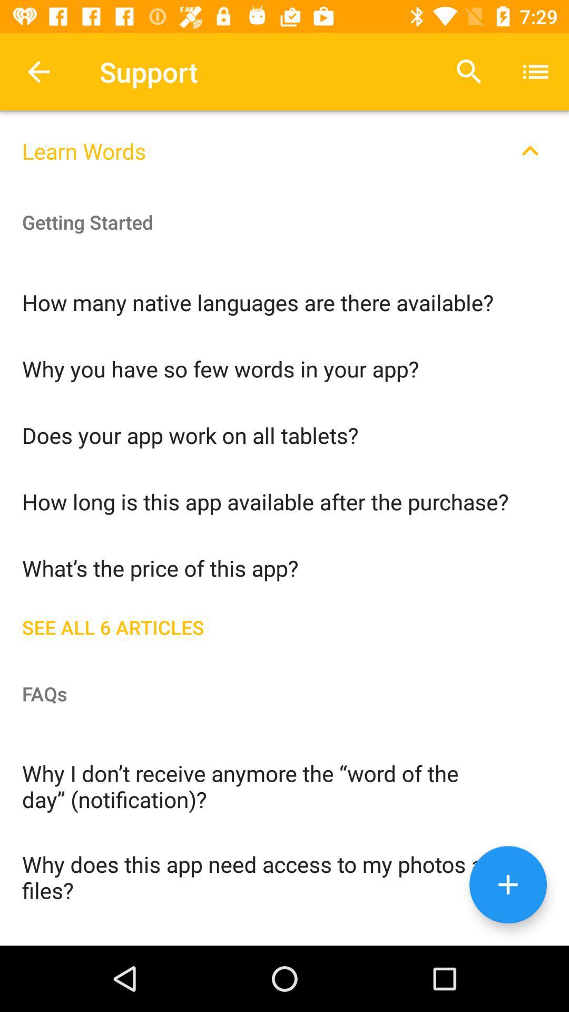 This screenshot has height=1012, width=569. What do you see at coordinates (507, 884) in the screenshot?
I see `the add icon` at bounding box center [507, 884].